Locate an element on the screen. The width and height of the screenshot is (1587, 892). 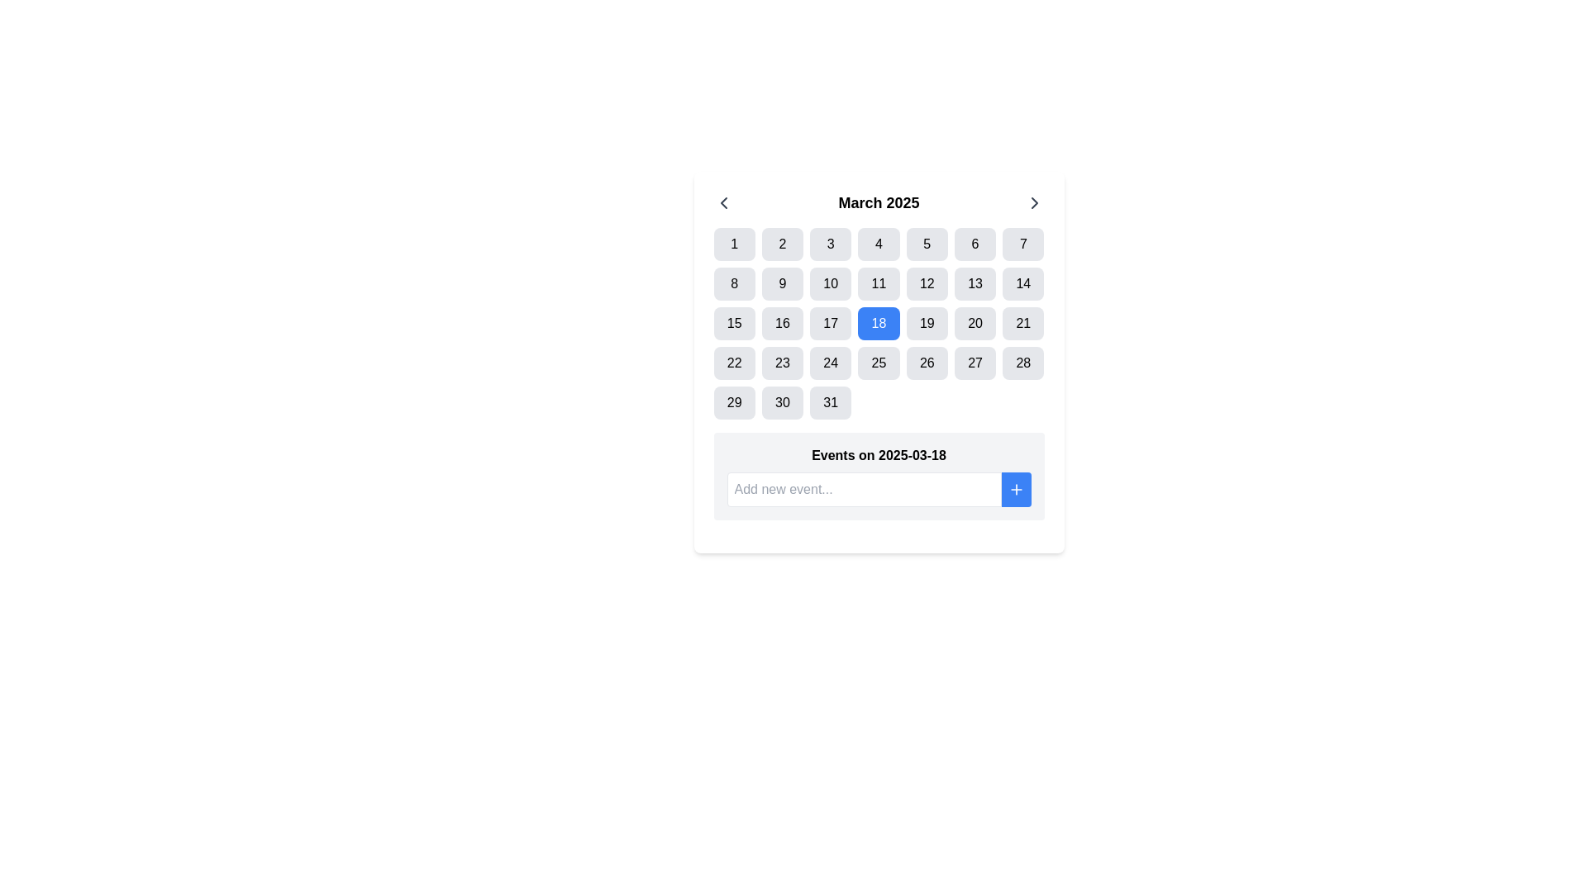
the heading text indicating the selected date for events, which is centrally located below the calendar grid is located at coordinates (878, 455).